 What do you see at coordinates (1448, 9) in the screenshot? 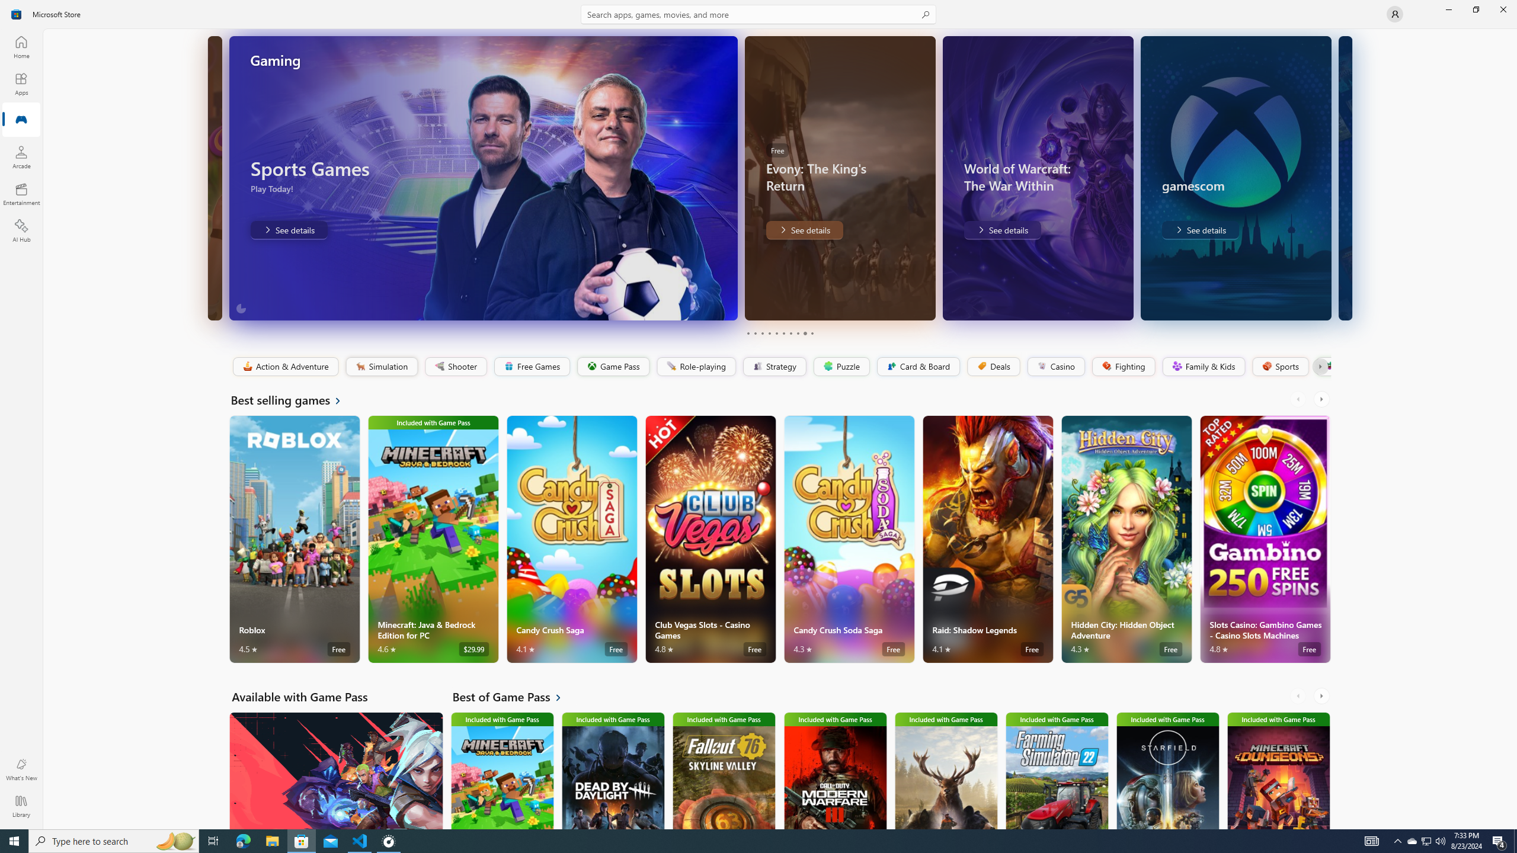
I see `'Minimize Microsoft Store'` at bounding box center [1448, 9].